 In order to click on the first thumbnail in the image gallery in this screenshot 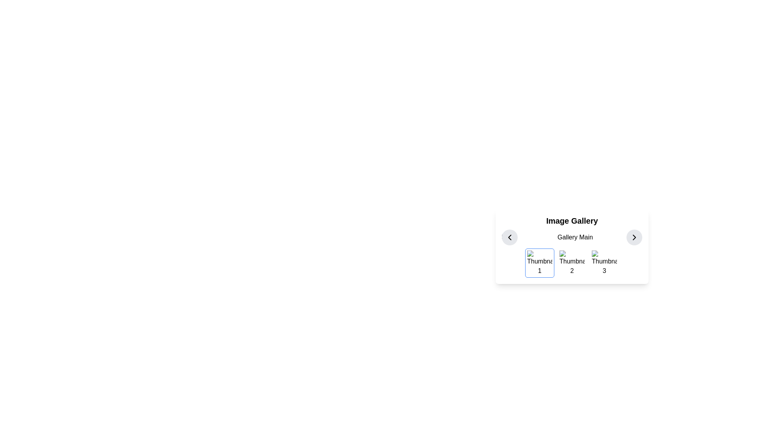, I will do `click(539, 263)`.